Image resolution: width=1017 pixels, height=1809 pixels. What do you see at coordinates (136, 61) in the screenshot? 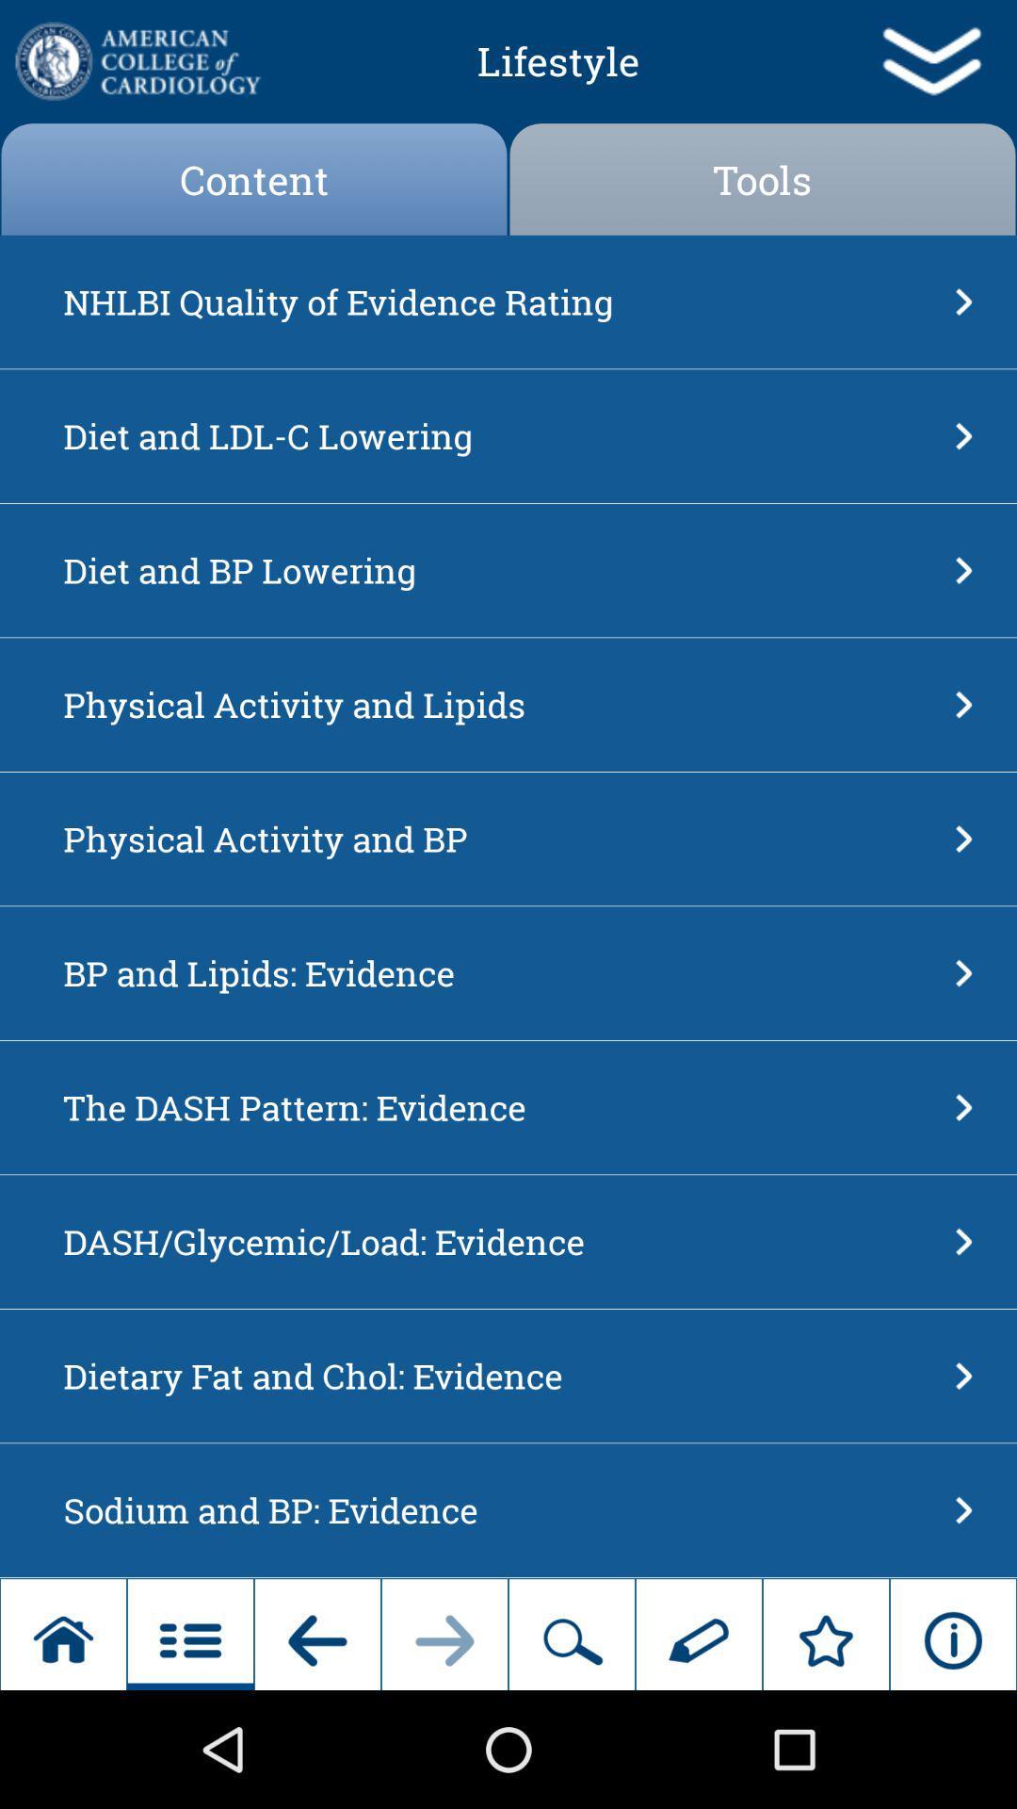
I see `the item to the left of lifestyle icon` at bounding box center [136, 61].